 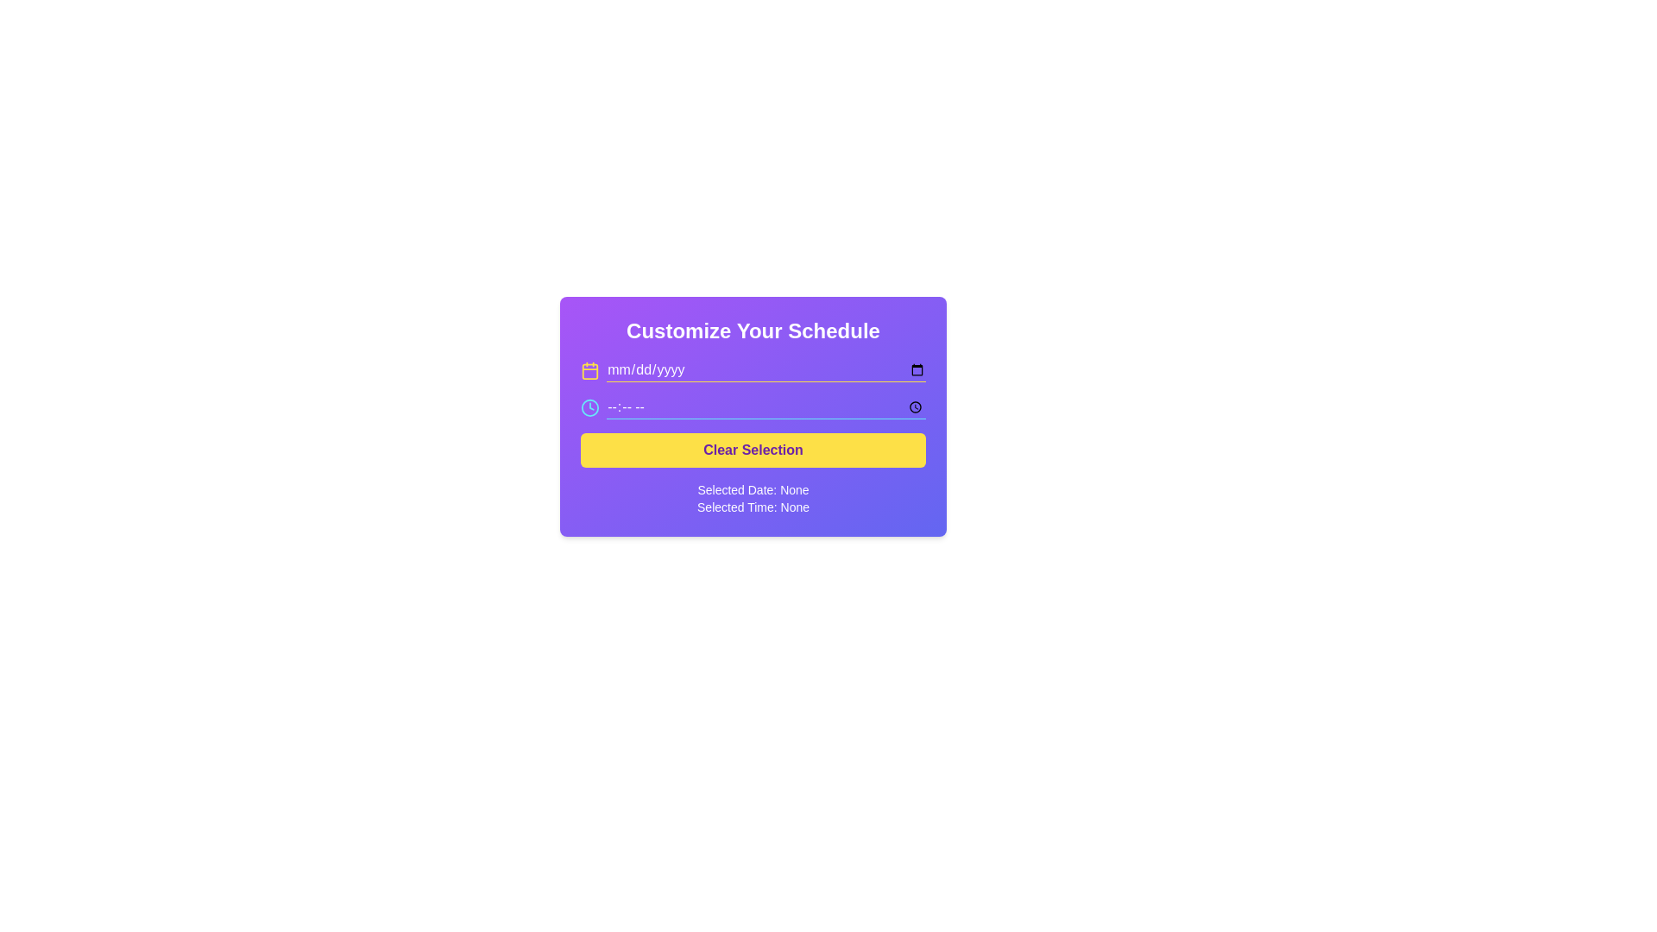 What do you see at coordinates (590, 369) in the screenshot?
I see `the calendar icon with a yellow stroke color, located on the far left of the date input field header, aligned with the placeholder 'mm/dd/yyyy'` at bounding box center [590, 369].